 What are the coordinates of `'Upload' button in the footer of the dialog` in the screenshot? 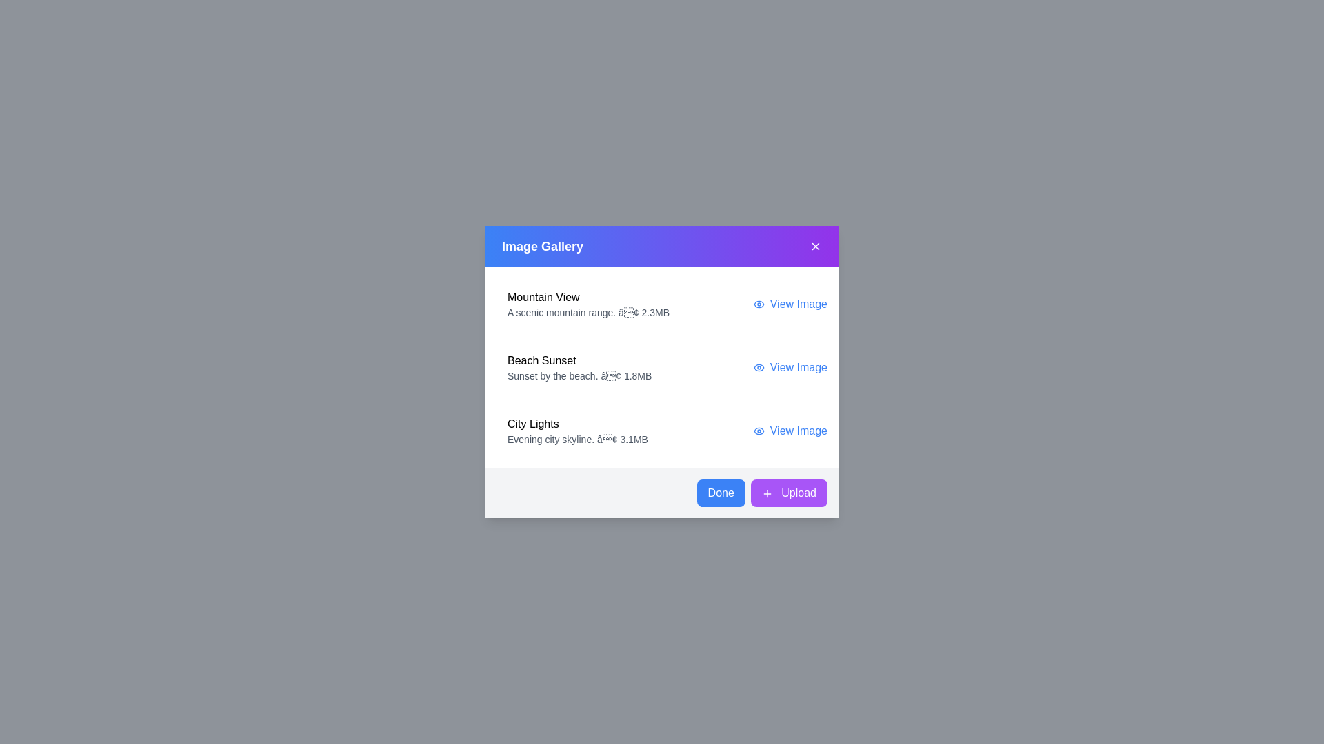 It's located at (788, 493).